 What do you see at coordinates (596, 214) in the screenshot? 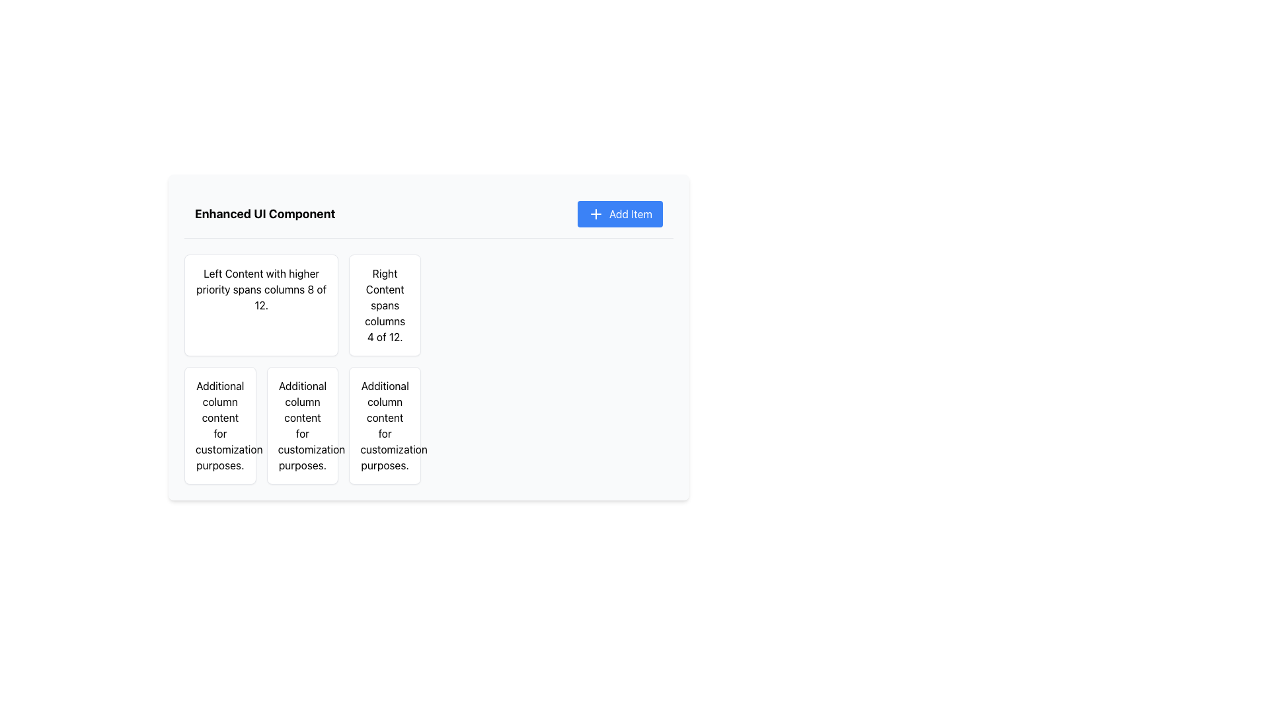
I see `the 'plus' icon located within the blue 'Add Item' button in the top-right corner of the UI` at bounding box center [596, 214].